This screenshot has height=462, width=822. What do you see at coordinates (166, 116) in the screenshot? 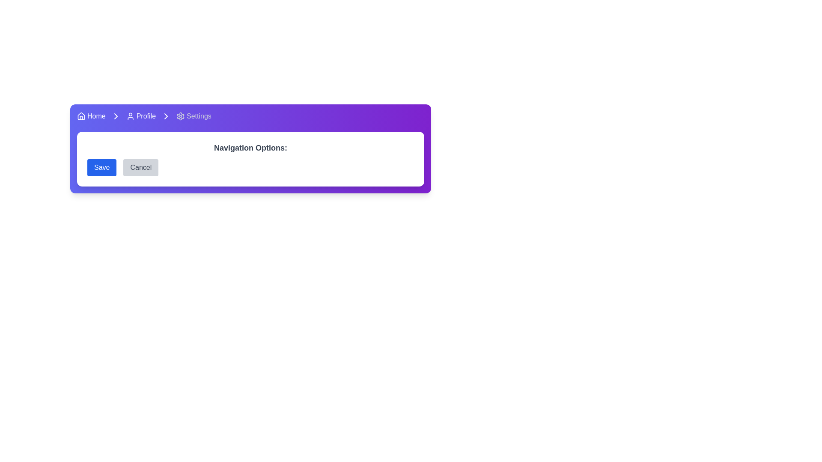
I see `the right-pointing arrow icon located in the navigation bar, which is adjacent to the 'Profile' button and precedes the 'Settings' button` at bounding box center [166, 116].